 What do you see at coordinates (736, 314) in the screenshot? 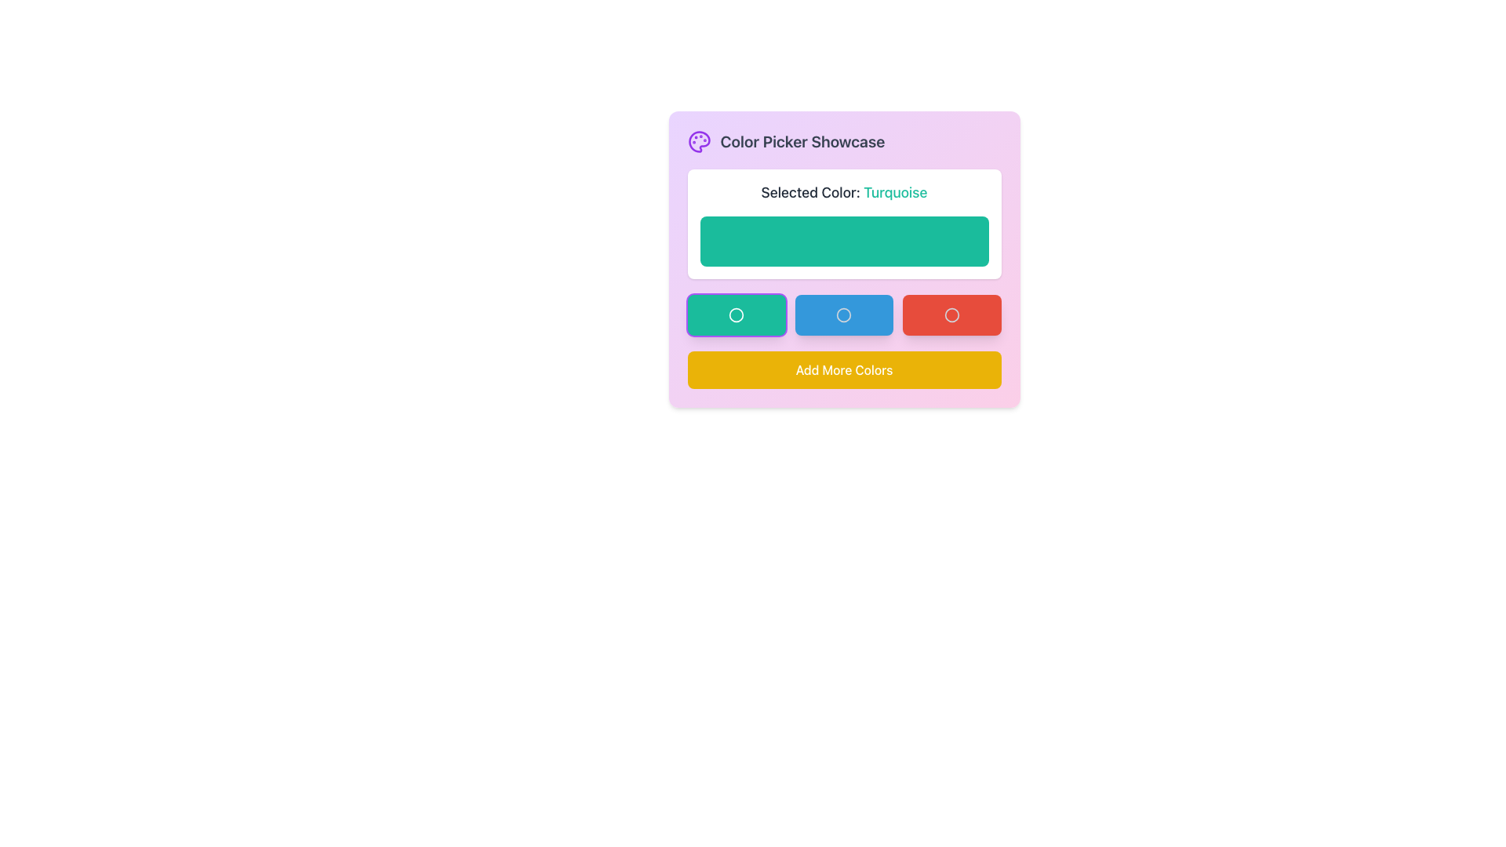
I see `the leftmost circular color selection option in the color picker interface` at bounding box center [736, 314].